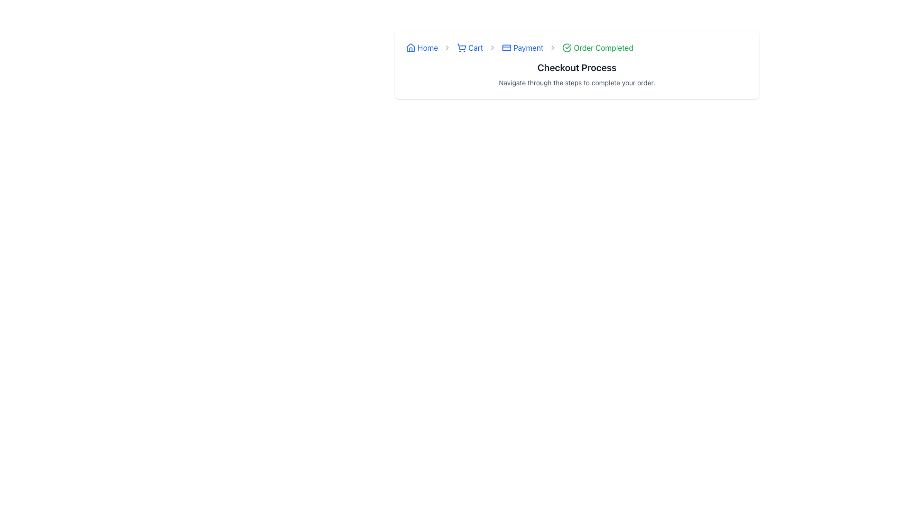 This screenshot has width=911, height=512. Describe the element at coordinates (421, 47) in the screenshot. I see `the 'Home' navigational link, which is styled in blue and features a house icon on its left` at that location.